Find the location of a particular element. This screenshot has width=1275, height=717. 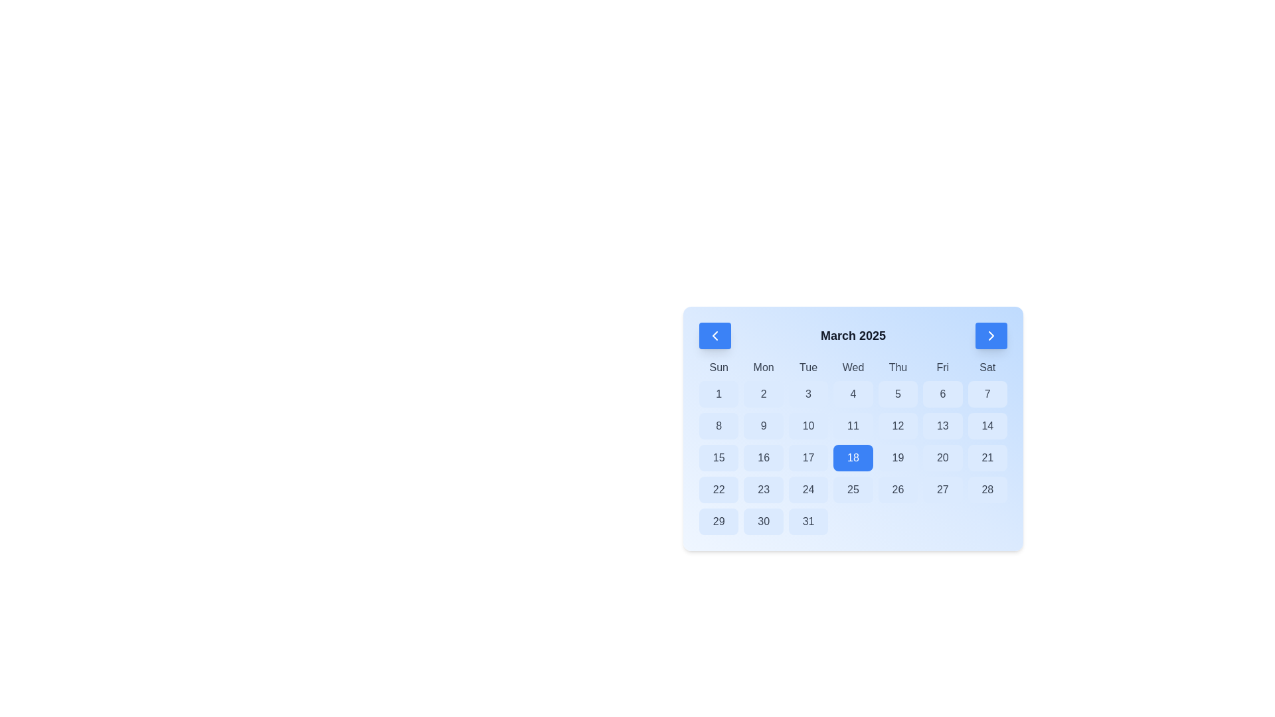

the selectable date cell in the calendar for March 2025, located in the fourth week under the 'Wed' column is located at coordinates (853, 447).